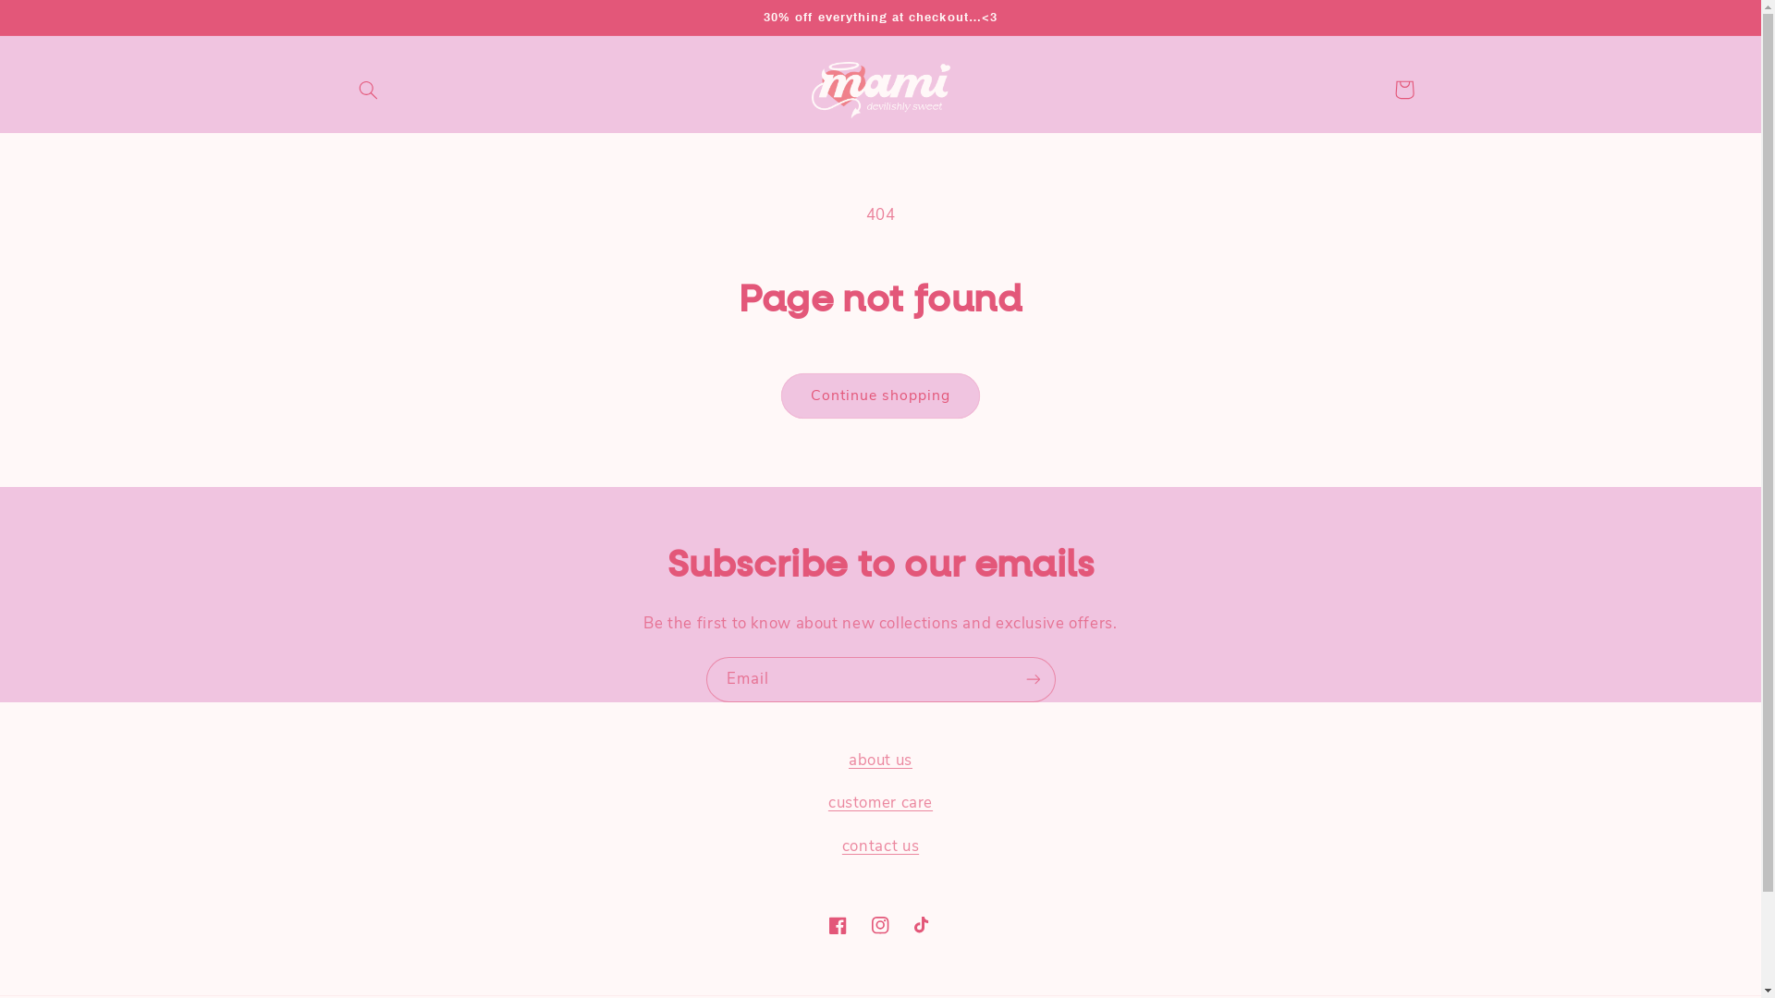  What do you see at coordinates (847, 760) in the screenshot?
I see `'about us'` at bounding box center [847, 760].